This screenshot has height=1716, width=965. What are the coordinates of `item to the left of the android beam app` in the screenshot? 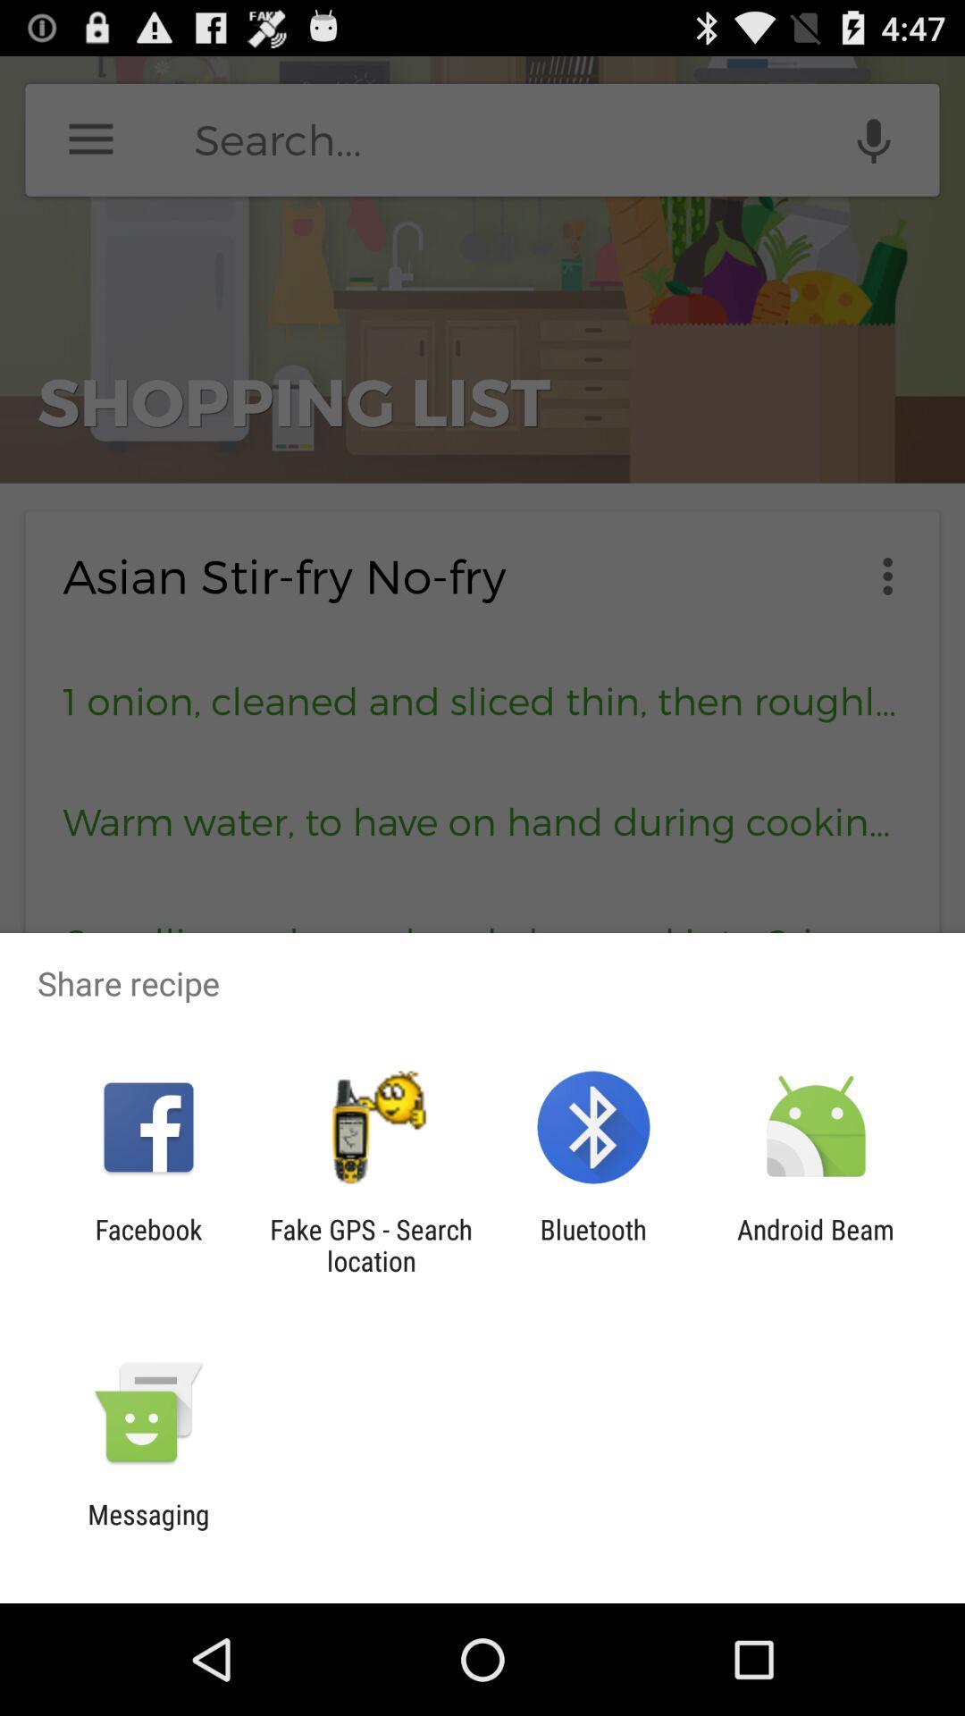 It's located at (593, 1244).